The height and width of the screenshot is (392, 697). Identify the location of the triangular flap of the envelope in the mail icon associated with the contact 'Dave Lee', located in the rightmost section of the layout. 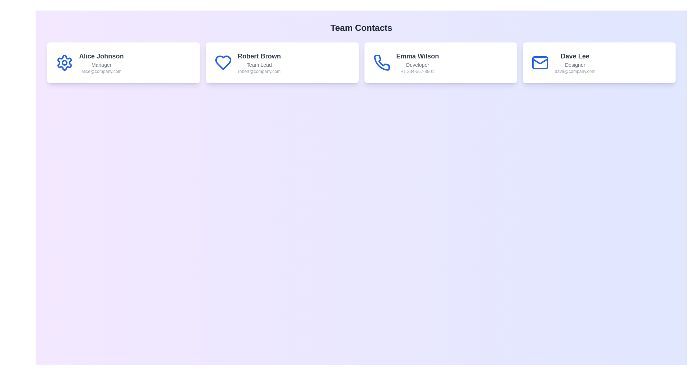
(540, 61).